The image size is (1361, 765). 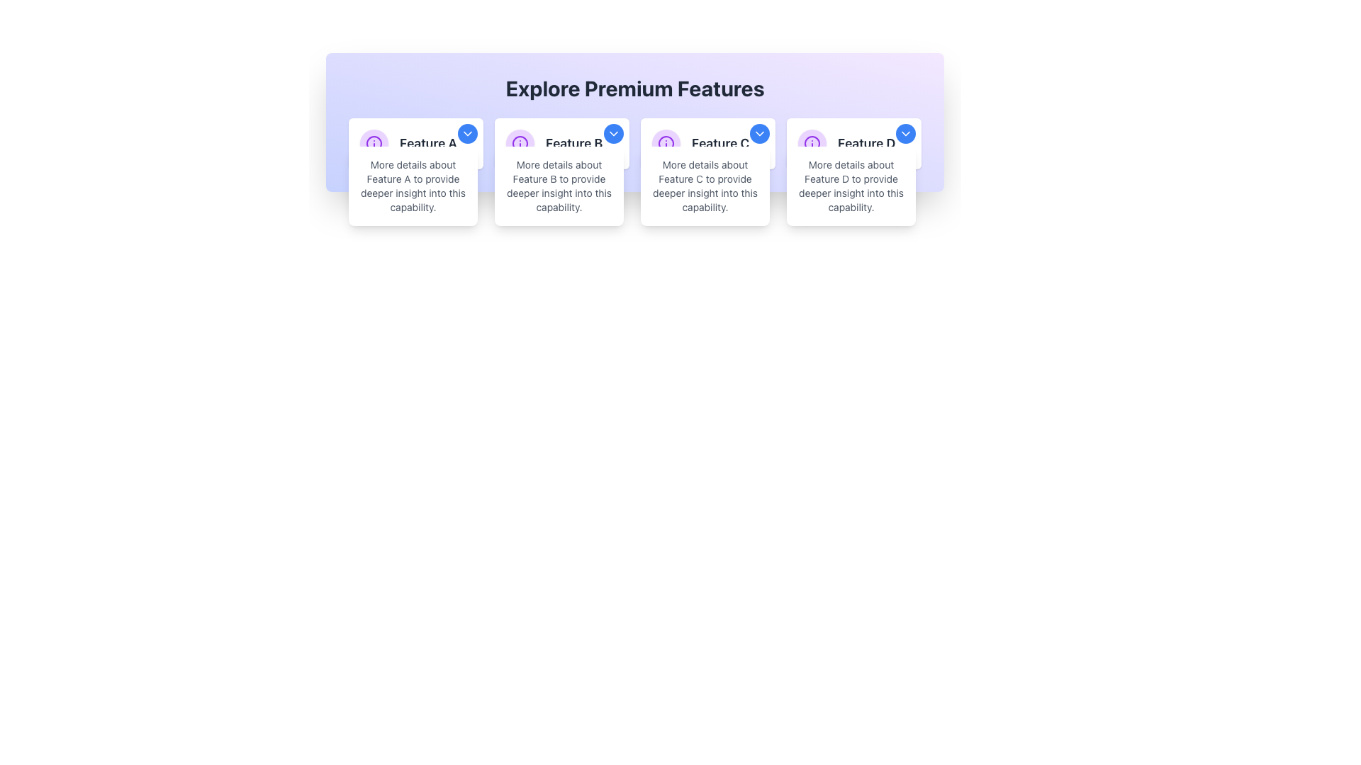 What do you see at coordinates (666, 144) in the screenshot?
I see `the outlined purple circle icon that contains a smaller symbol, which is the third icon in a horizontal series of four, positioned above the text 'Feature C'` at bounding box center [666, 144].